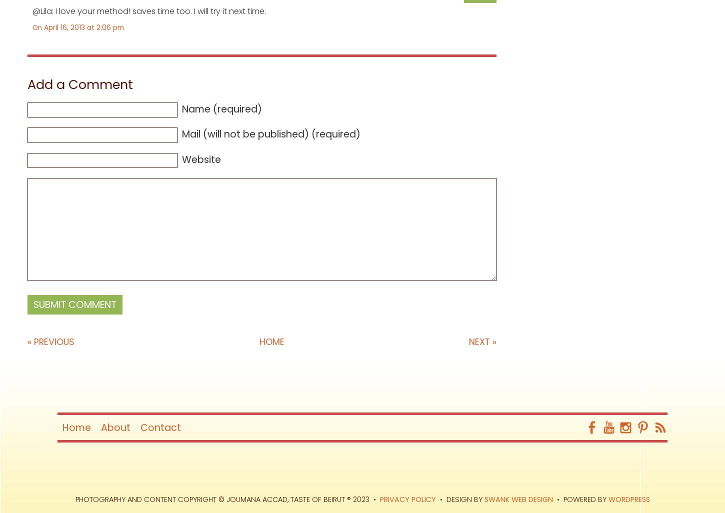 The width and height of the screenshot is (725, 513). Describe the element at coordinates (271, 133) in the screenshot. I see `'Mail (will not be published) (required)'` at that location.